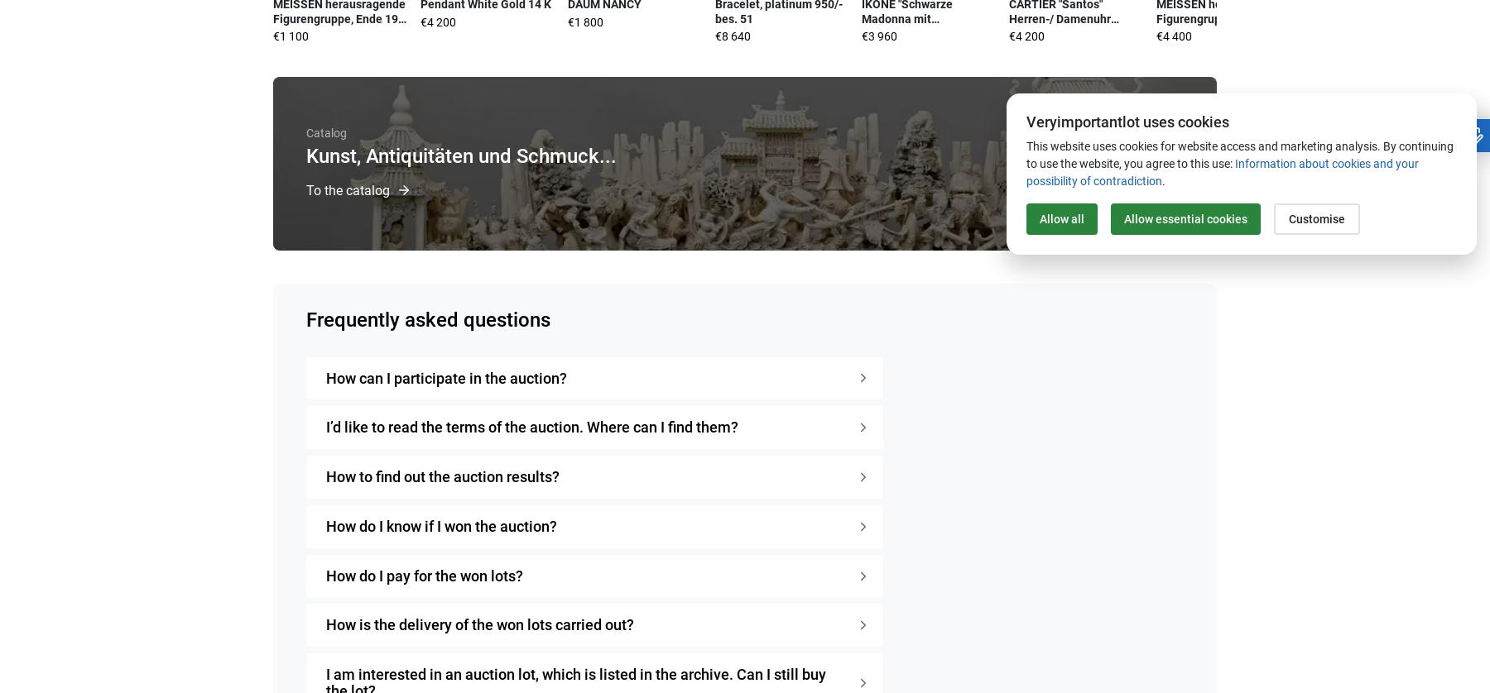  Describe the element at coordinates (531, 427) in the screenshot. I see `'I’d like to read the terms of the auction. Where can I find them?'` at that location.